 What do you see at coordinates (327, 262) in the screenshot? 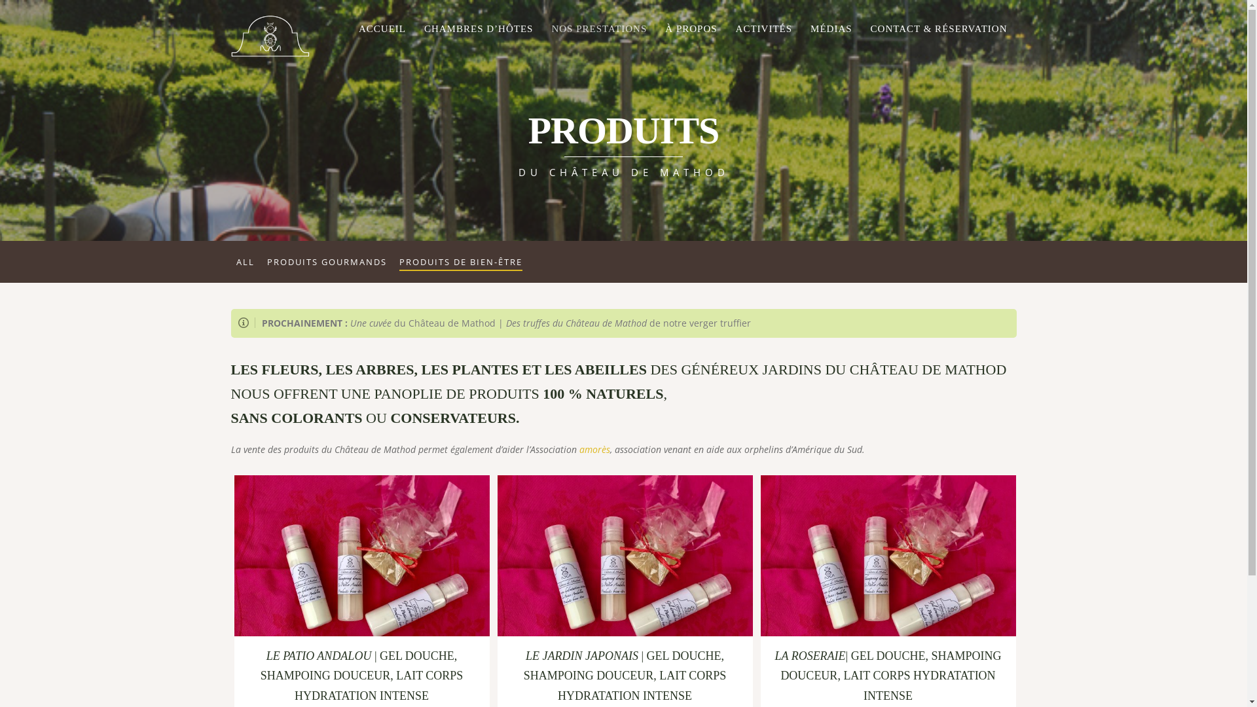
I see `'PRODUITS GOURMANDS'` at bounding box center [327, 262].